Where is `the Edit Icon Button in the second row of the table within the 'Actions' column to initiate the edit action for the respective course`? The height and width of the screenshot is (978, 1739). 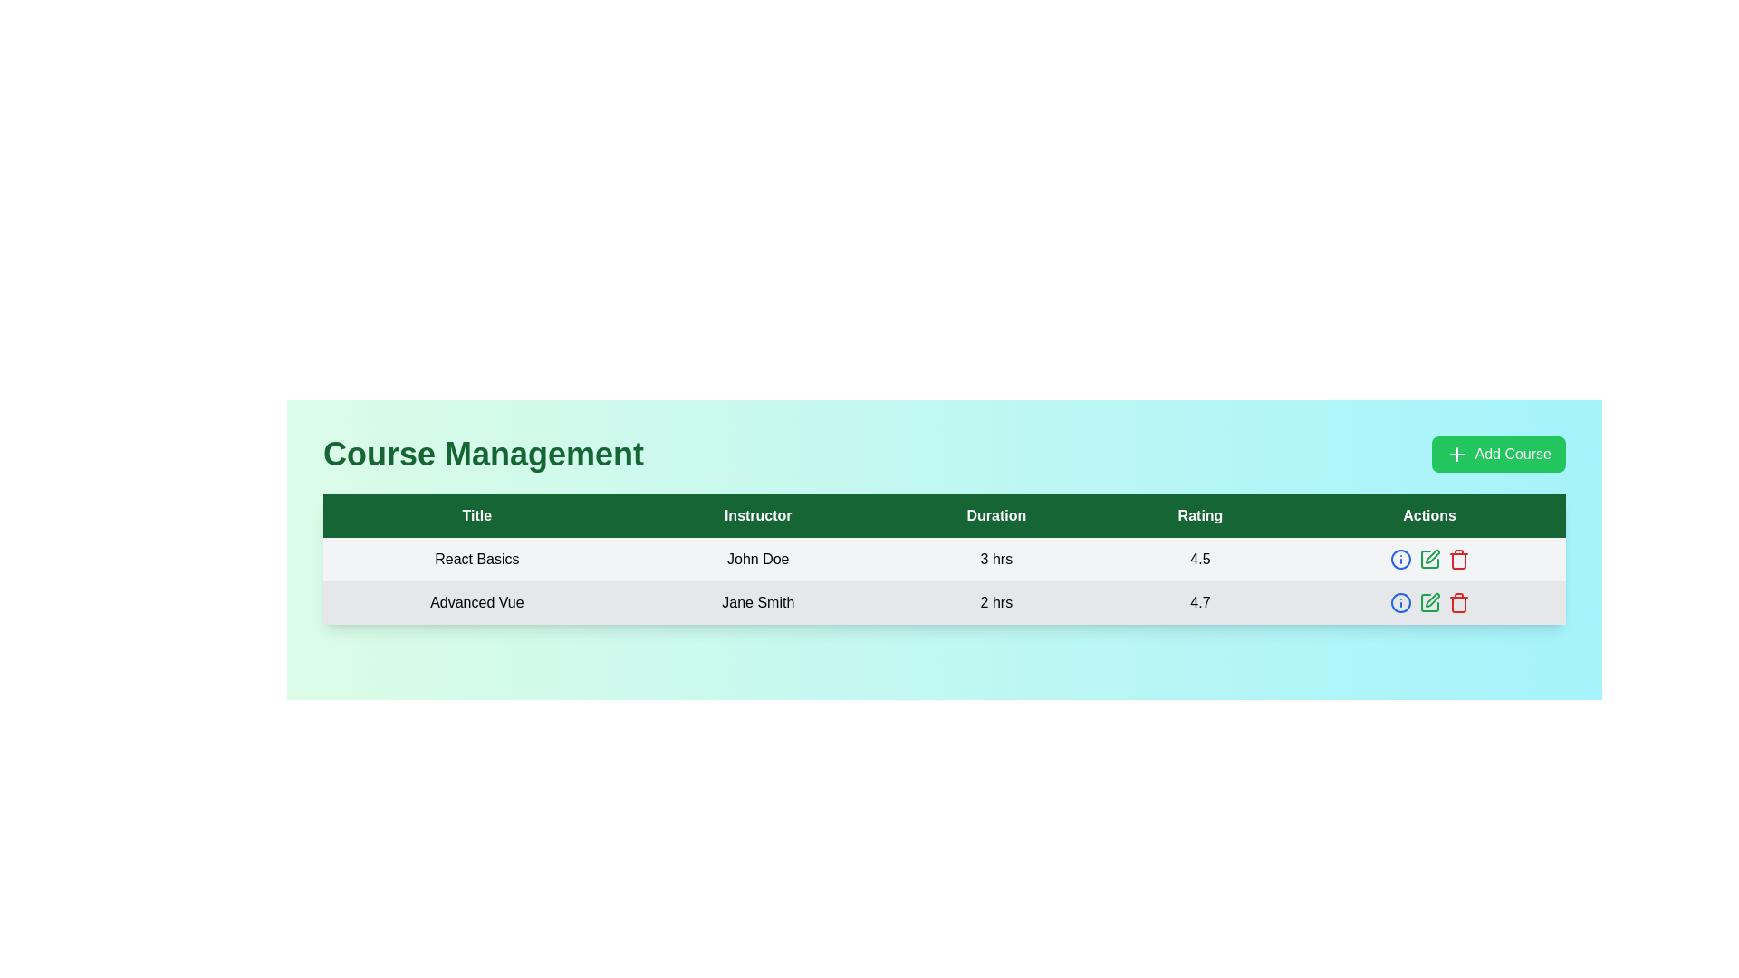
the Edit Icon Button in the second row of the table within the 'Actions' column to initiate the edit action for the respective course is located at coordinates (1431, 555).